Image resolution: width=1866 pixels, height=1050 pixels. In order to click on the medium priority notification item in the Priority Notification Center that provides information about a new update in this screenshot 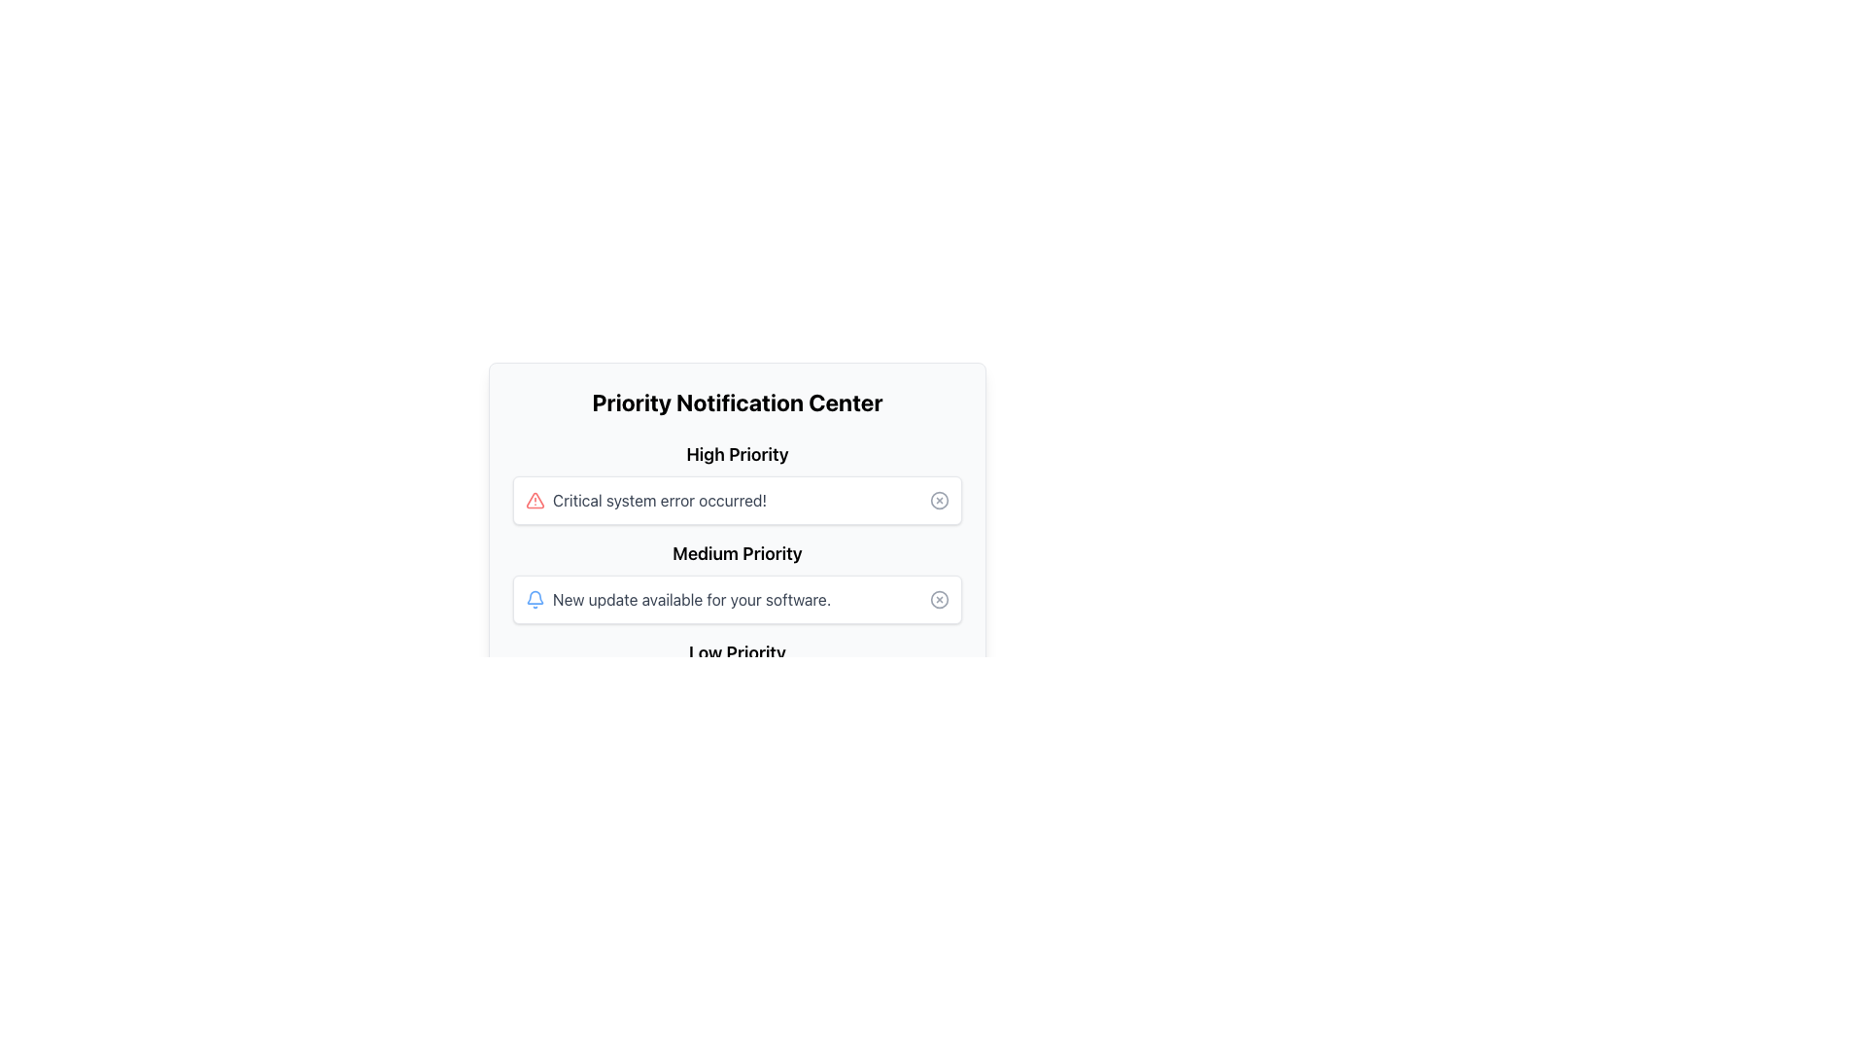, I will do `click(736, 580)`.